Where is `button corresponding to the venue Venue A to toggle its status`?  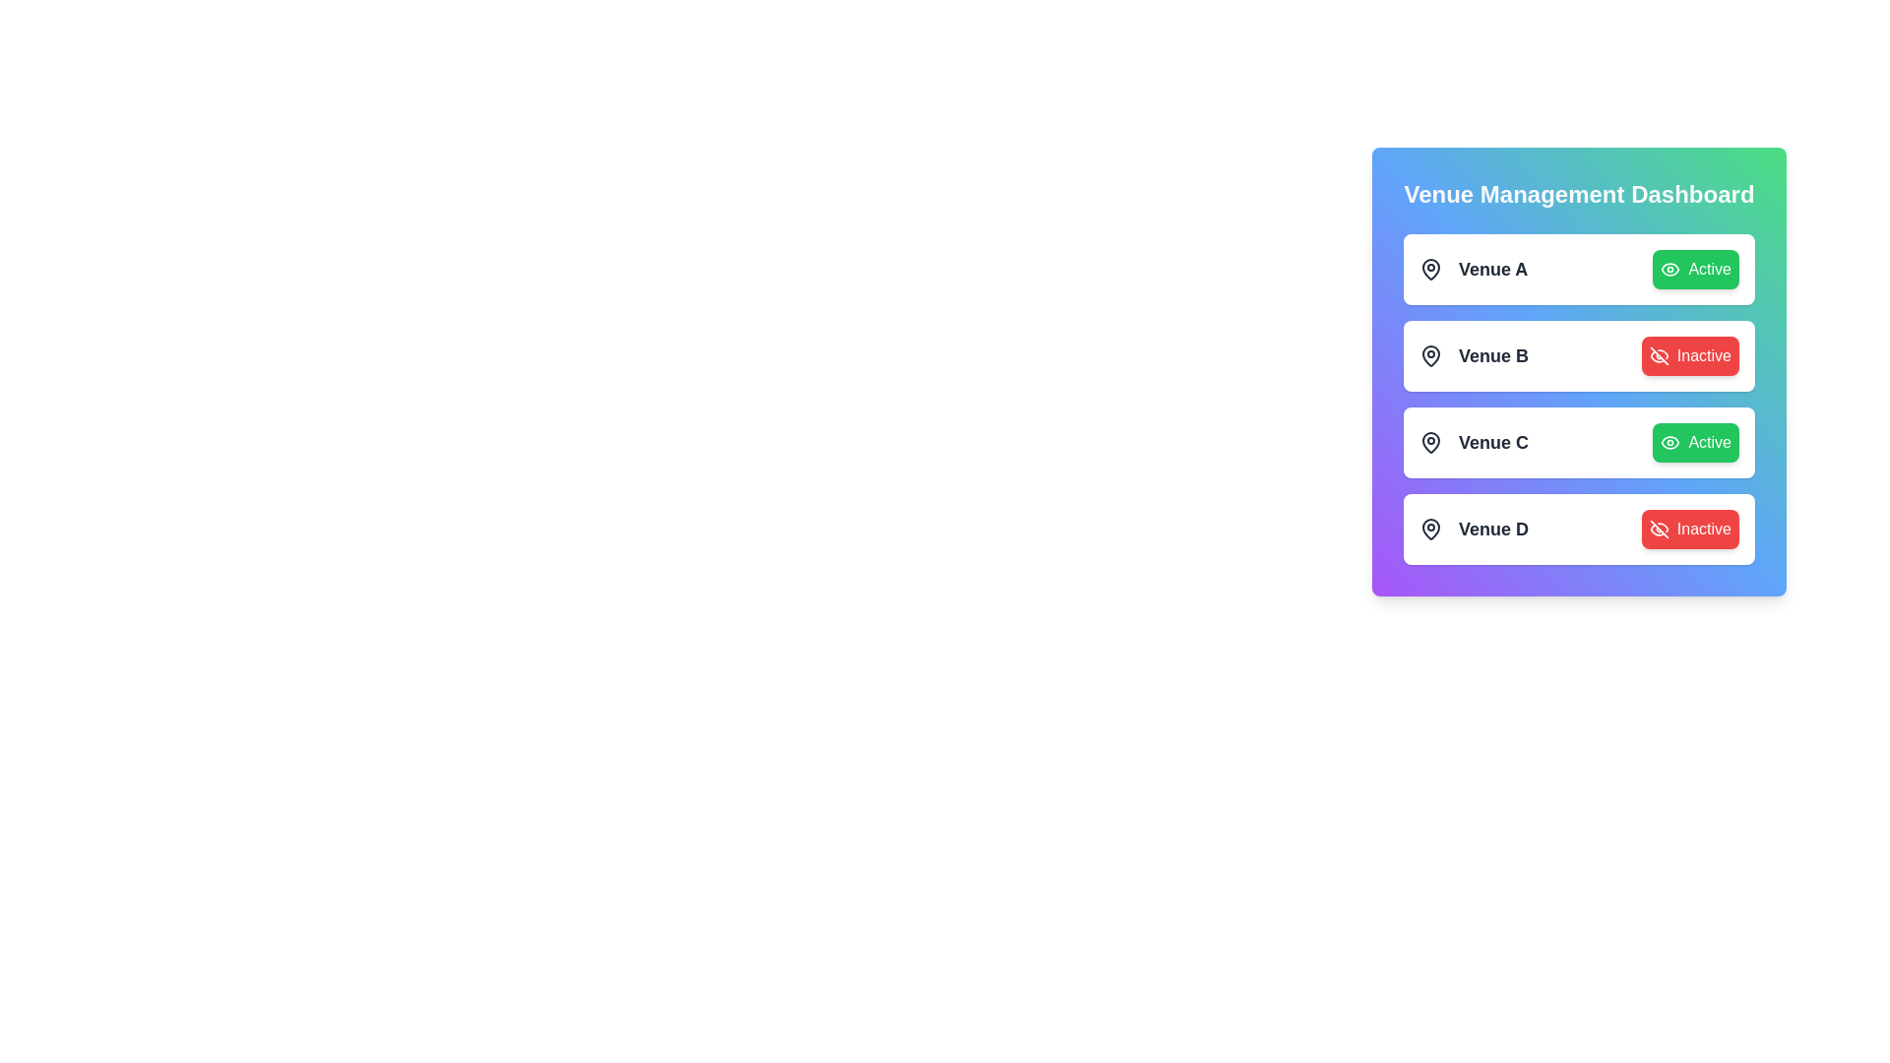 button corresponding to the venue Venue A to toggle its status is located at coordinates (1695, 269).